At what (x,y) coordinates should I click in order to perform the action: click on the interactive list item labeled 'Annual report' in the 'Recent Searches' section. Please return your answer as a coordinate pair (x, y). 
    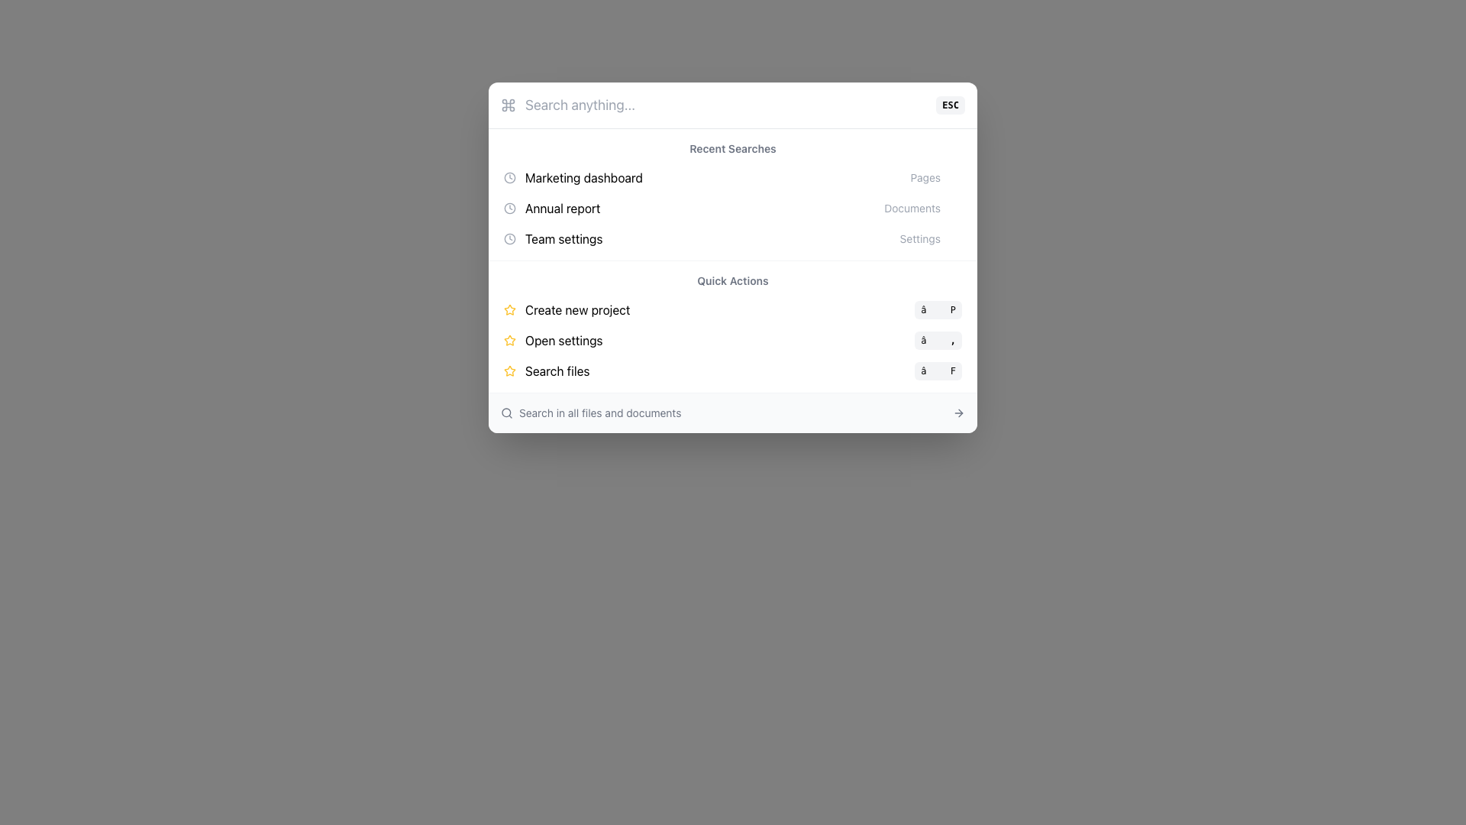
    Looking at the image, I should click on (733, 209).